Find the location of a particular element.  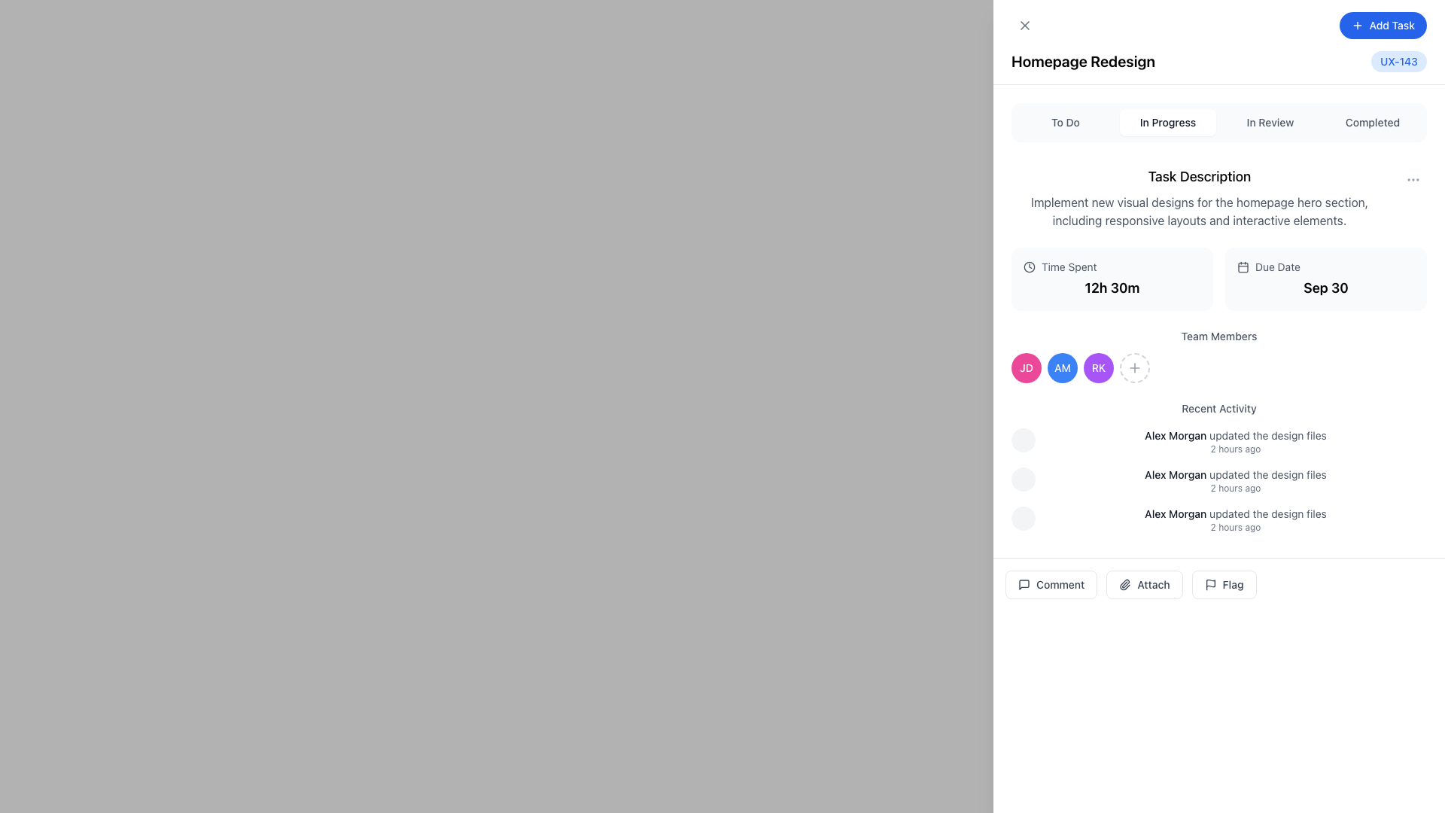

the 'In Review' button, the third button in a set of four is located at coordinates (1270, 121).